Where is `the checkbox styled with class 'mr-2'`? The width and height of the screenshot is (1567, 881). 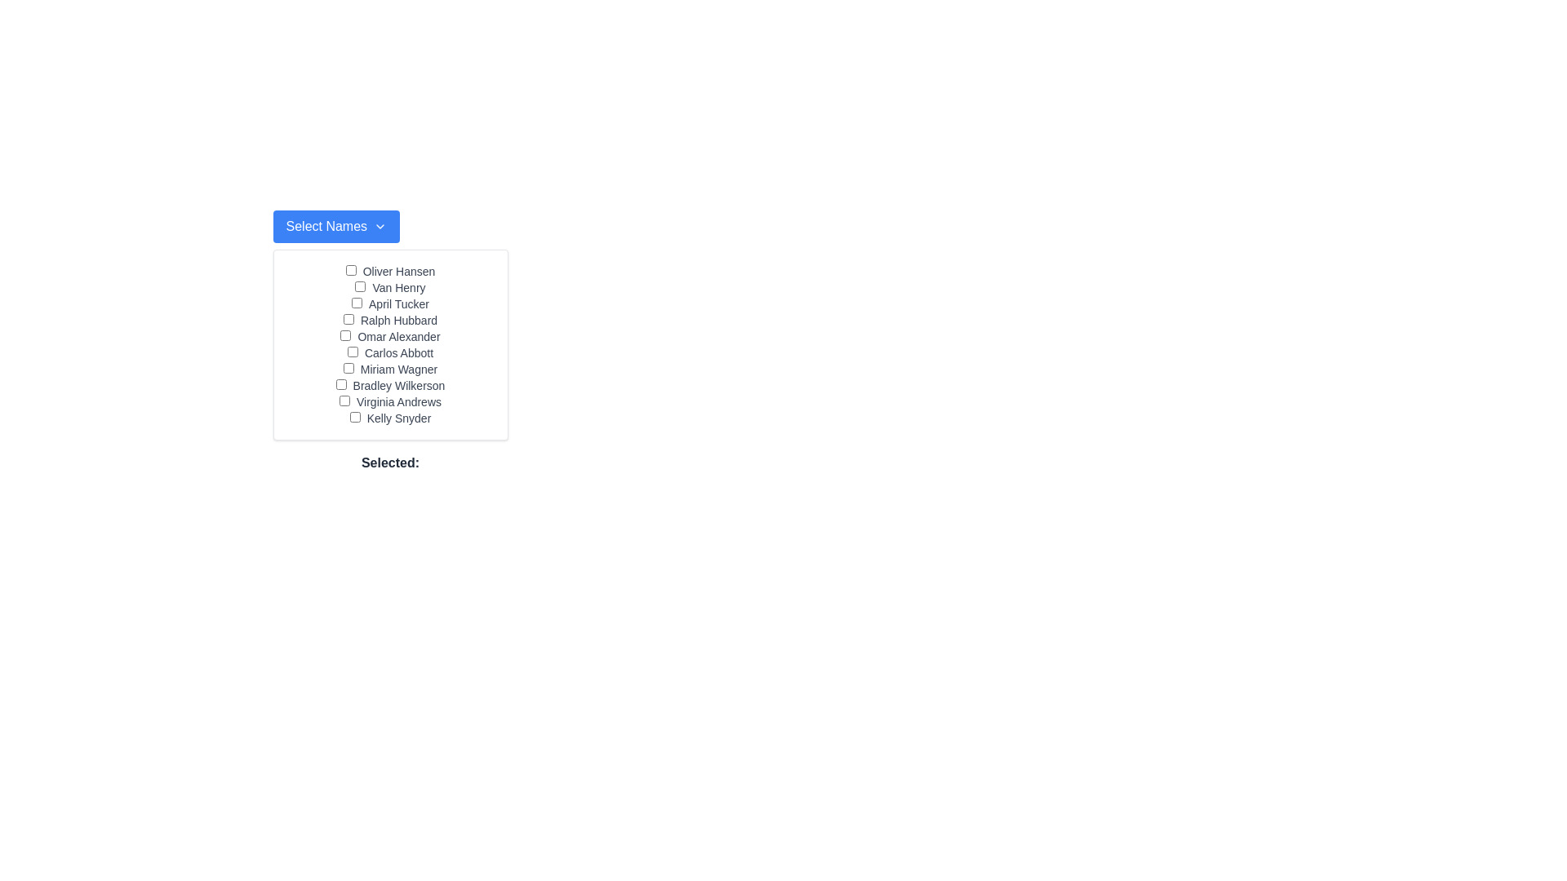
the checkbox styled with class 'mr-2' is located at coordinates (354, 416).